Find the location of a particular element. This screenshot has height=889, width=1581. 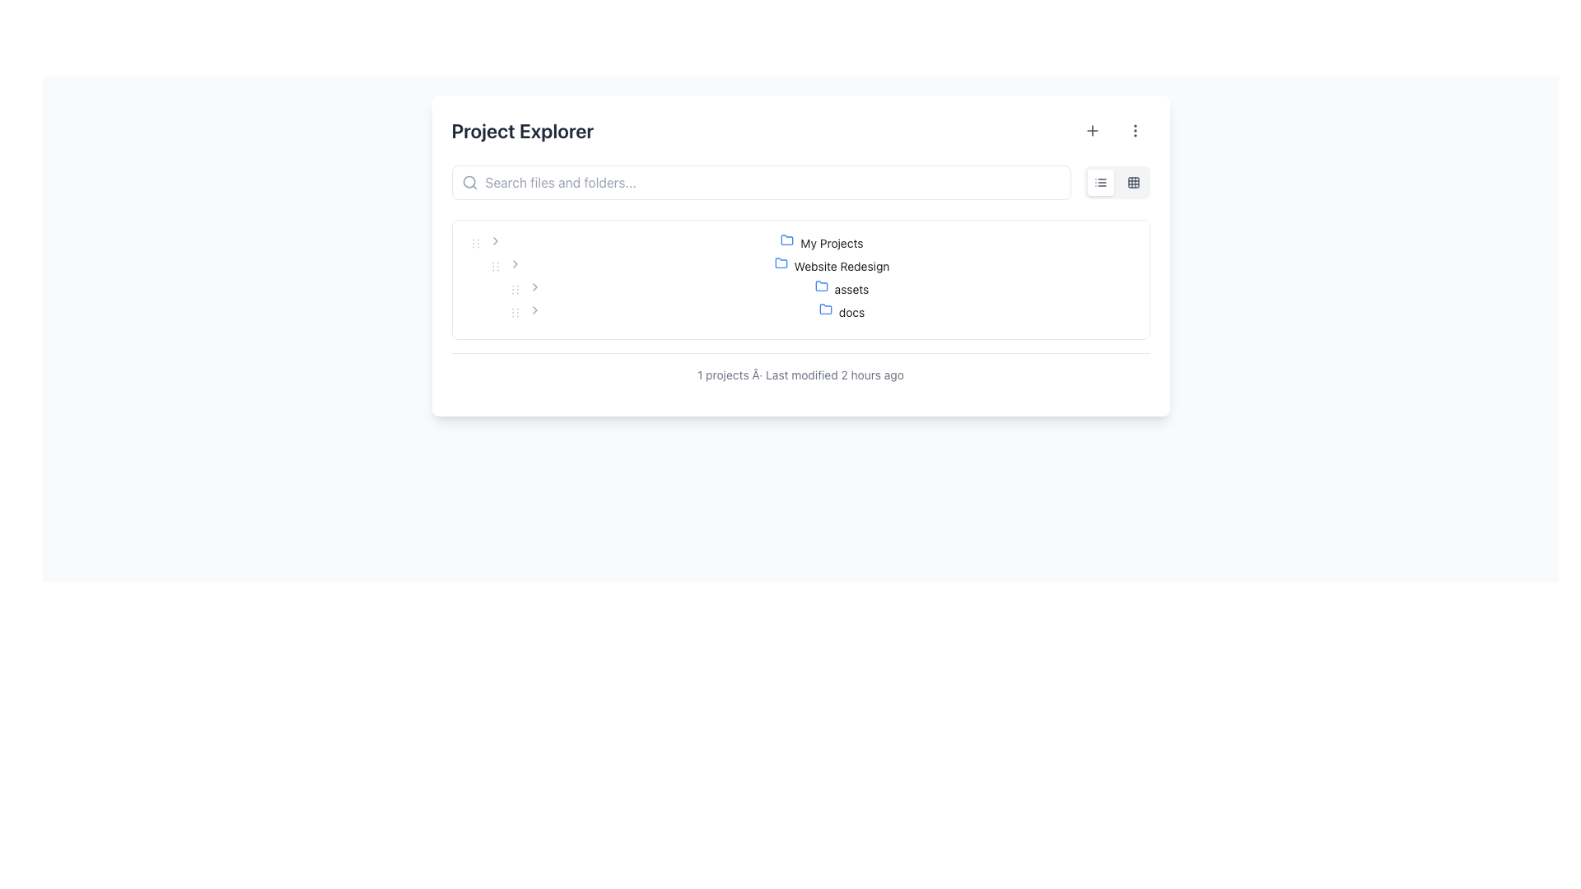

the Tree View element that displays the project hierarchy, including titles like 'My Projects', 'Website Redesign', 'assets', and 'docs', located in the 'Project Explorer' section of the UI is located at coordinates (800, 278).